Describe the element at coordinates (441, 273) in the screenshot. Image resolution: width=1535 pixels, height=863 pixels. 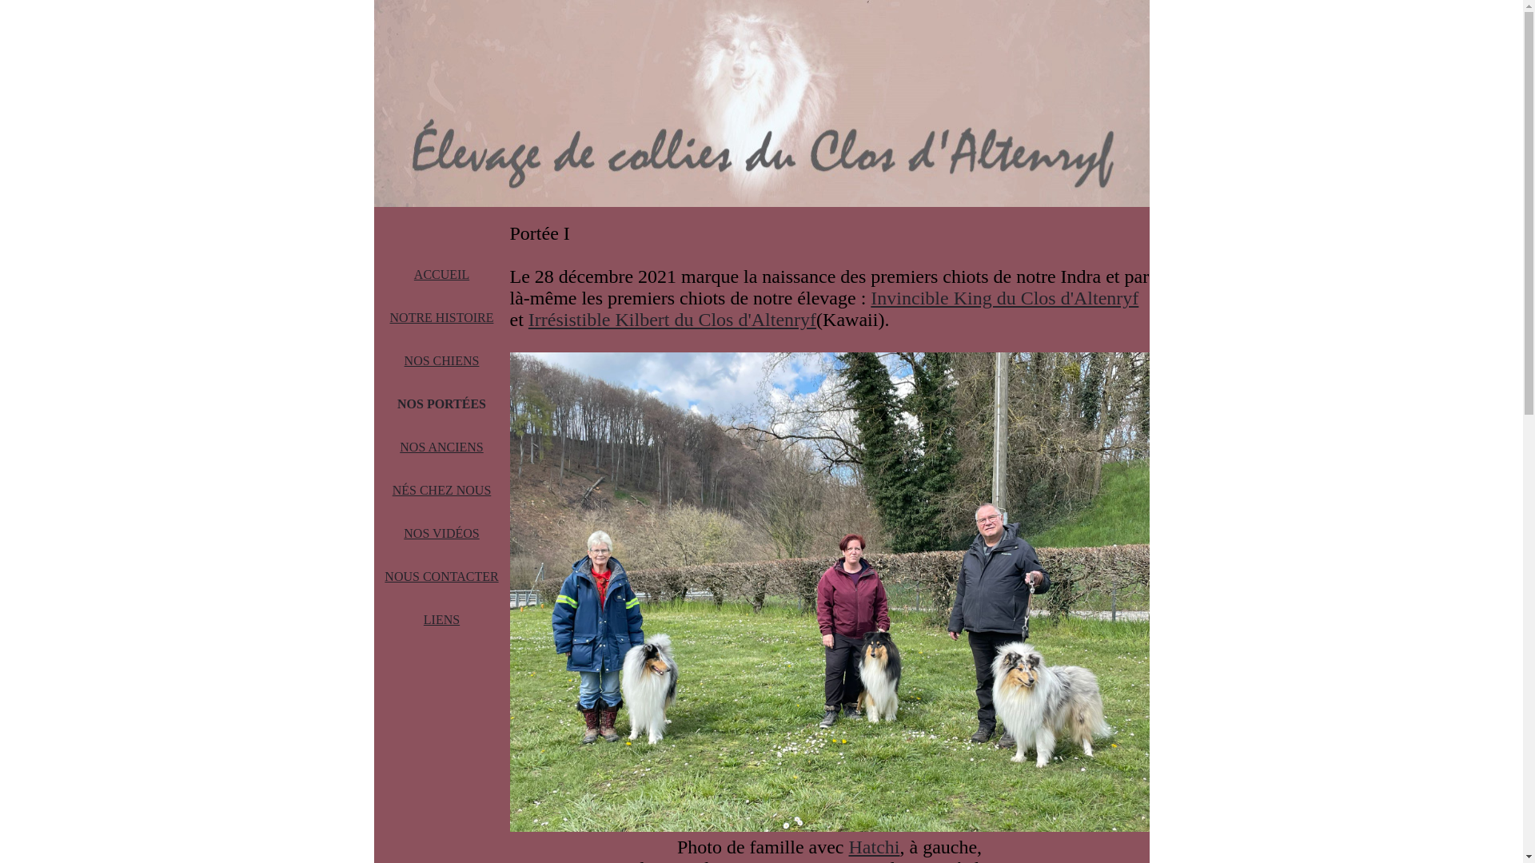
I see `'ACCUEIL'` at that location.